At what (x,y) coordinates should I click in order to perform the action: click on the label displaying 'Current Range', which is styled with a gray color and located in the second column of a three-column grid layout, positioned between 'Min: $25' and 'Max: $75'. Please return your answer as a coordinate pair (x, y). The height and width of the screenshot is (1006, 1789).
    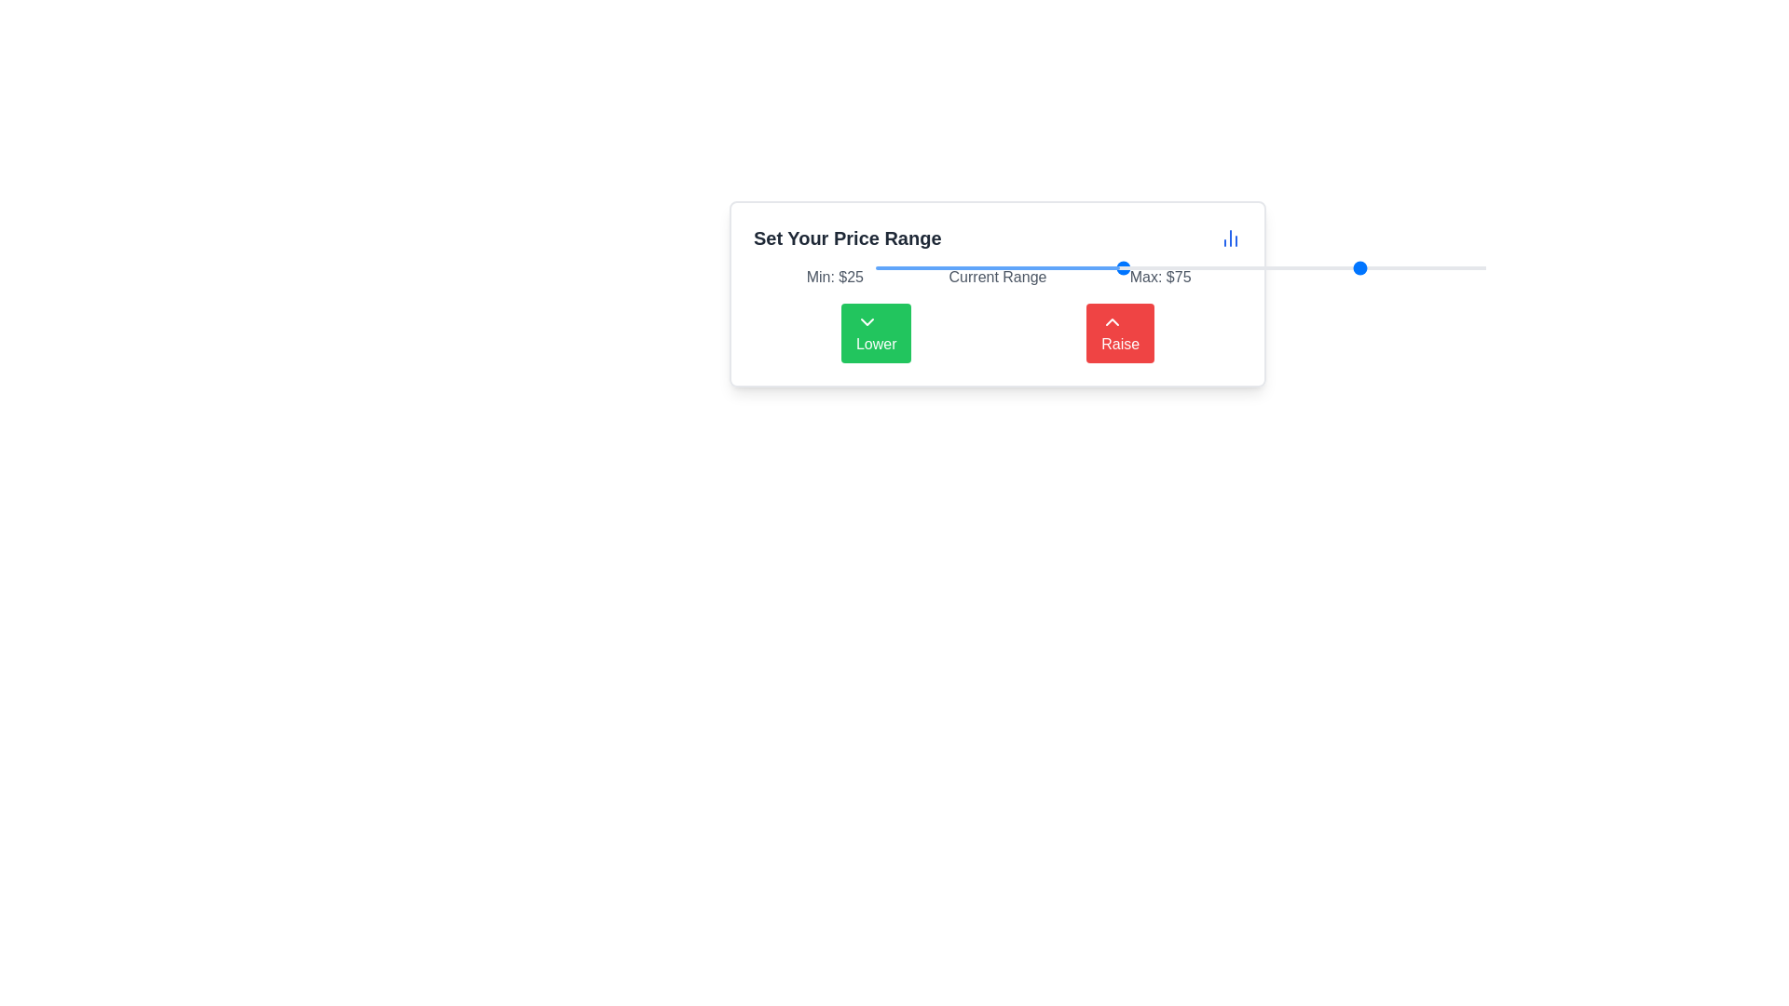
    Looking at the image, I should click on (996, 277).